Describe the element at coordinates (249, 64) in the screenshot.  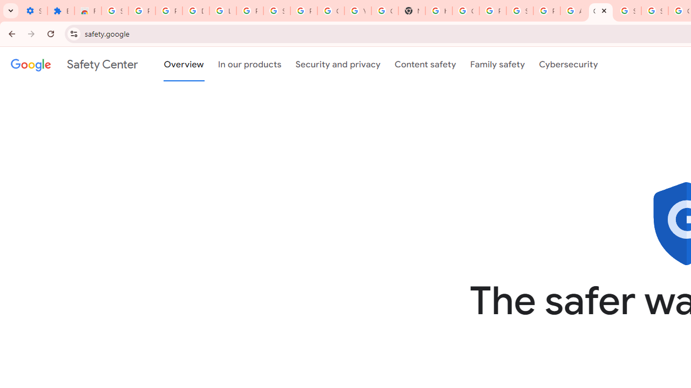
I see `'In our products'` at that location.